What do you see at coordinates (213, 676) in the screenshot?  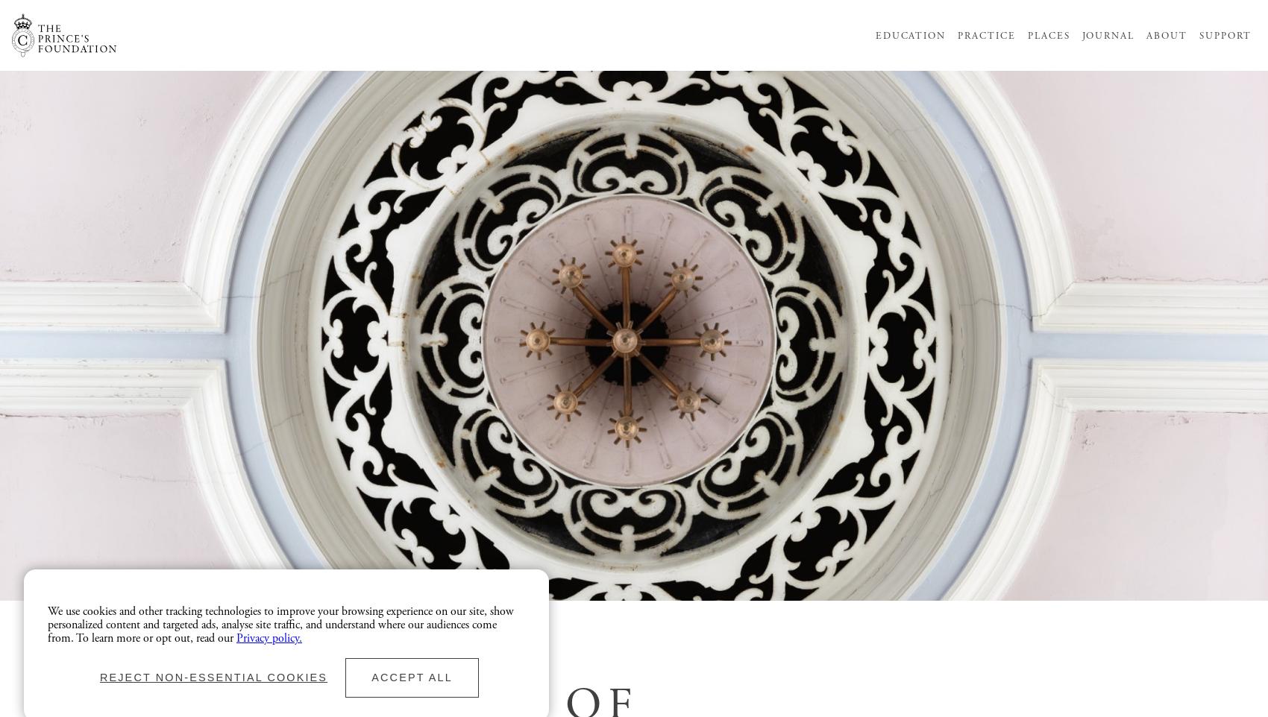 I see `'Reject non-essential cookies'` at bounding box center [213, 676].